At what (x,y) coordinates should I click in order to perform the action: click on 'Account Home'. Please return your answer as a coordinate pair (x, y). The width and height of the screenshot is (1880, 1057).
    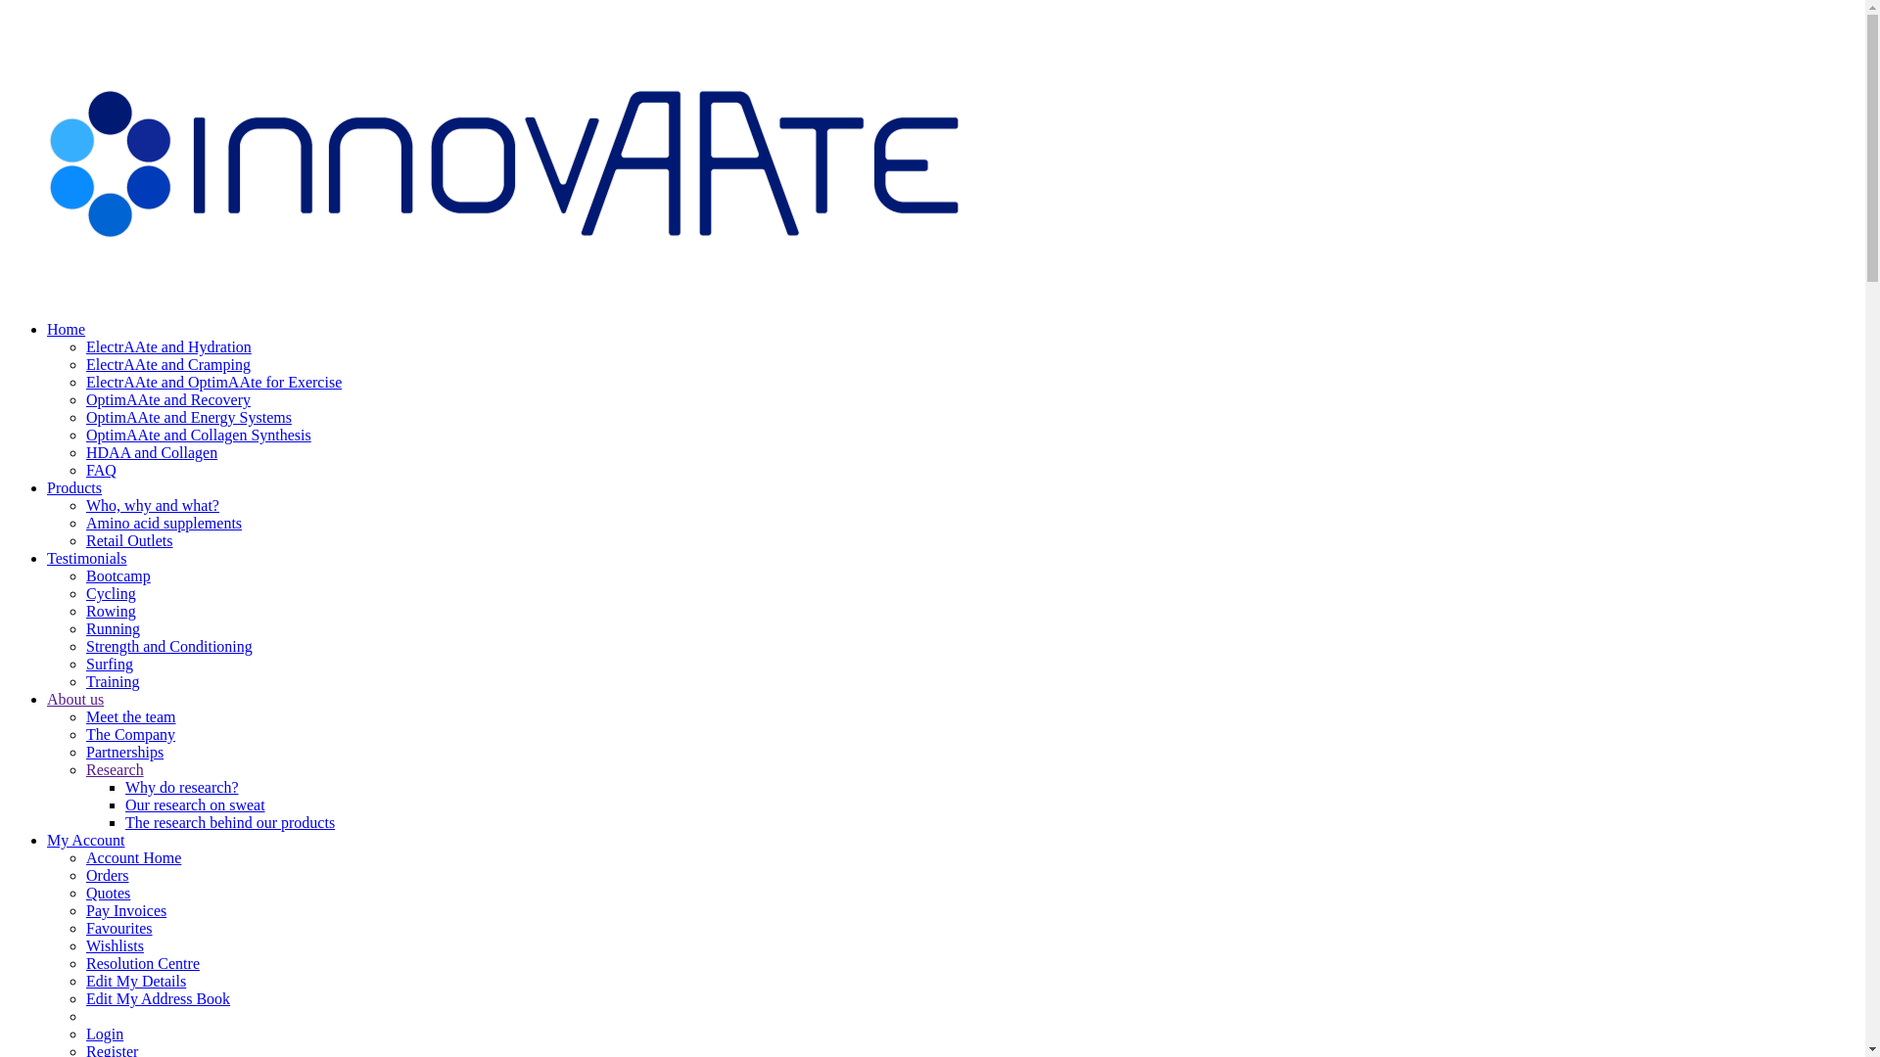
    Looking at the image, I should click on (132, 856).